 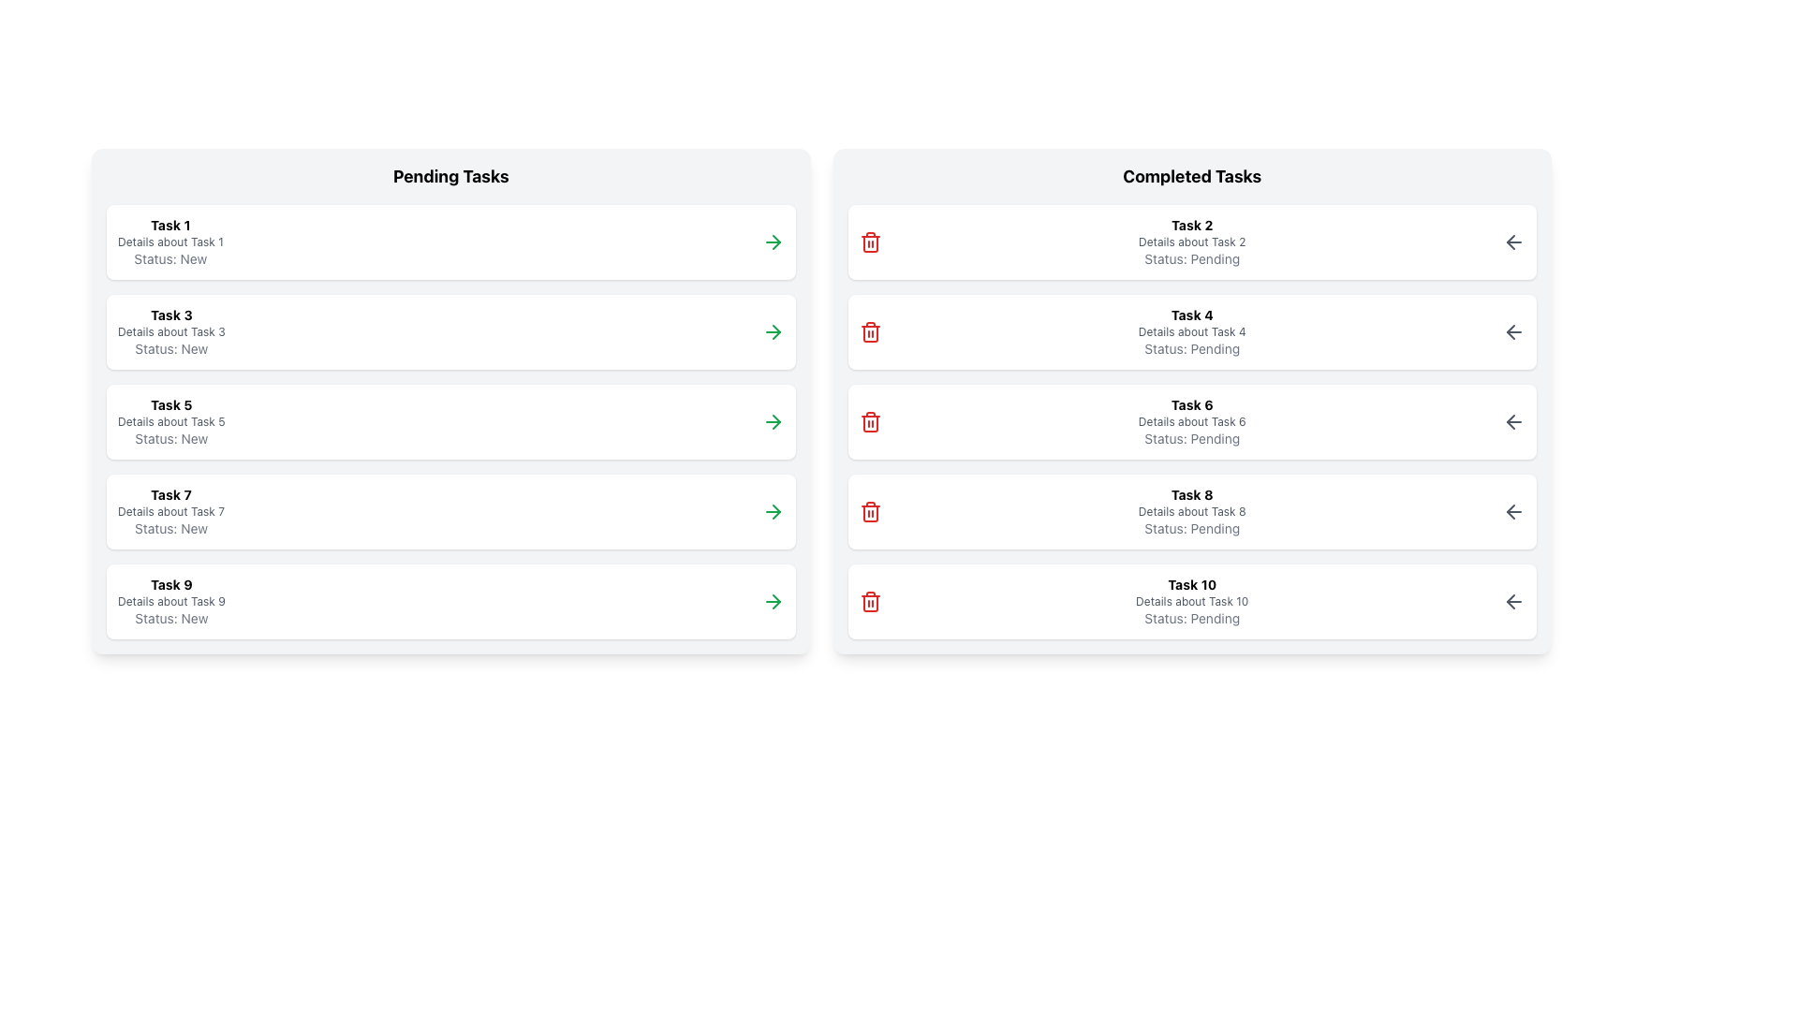 I want to click on the arrow icon in the rightmost section of the fifth task card labeled 'Task 9' in the 'Pending Tasks' list, so click(x=776, y=512).